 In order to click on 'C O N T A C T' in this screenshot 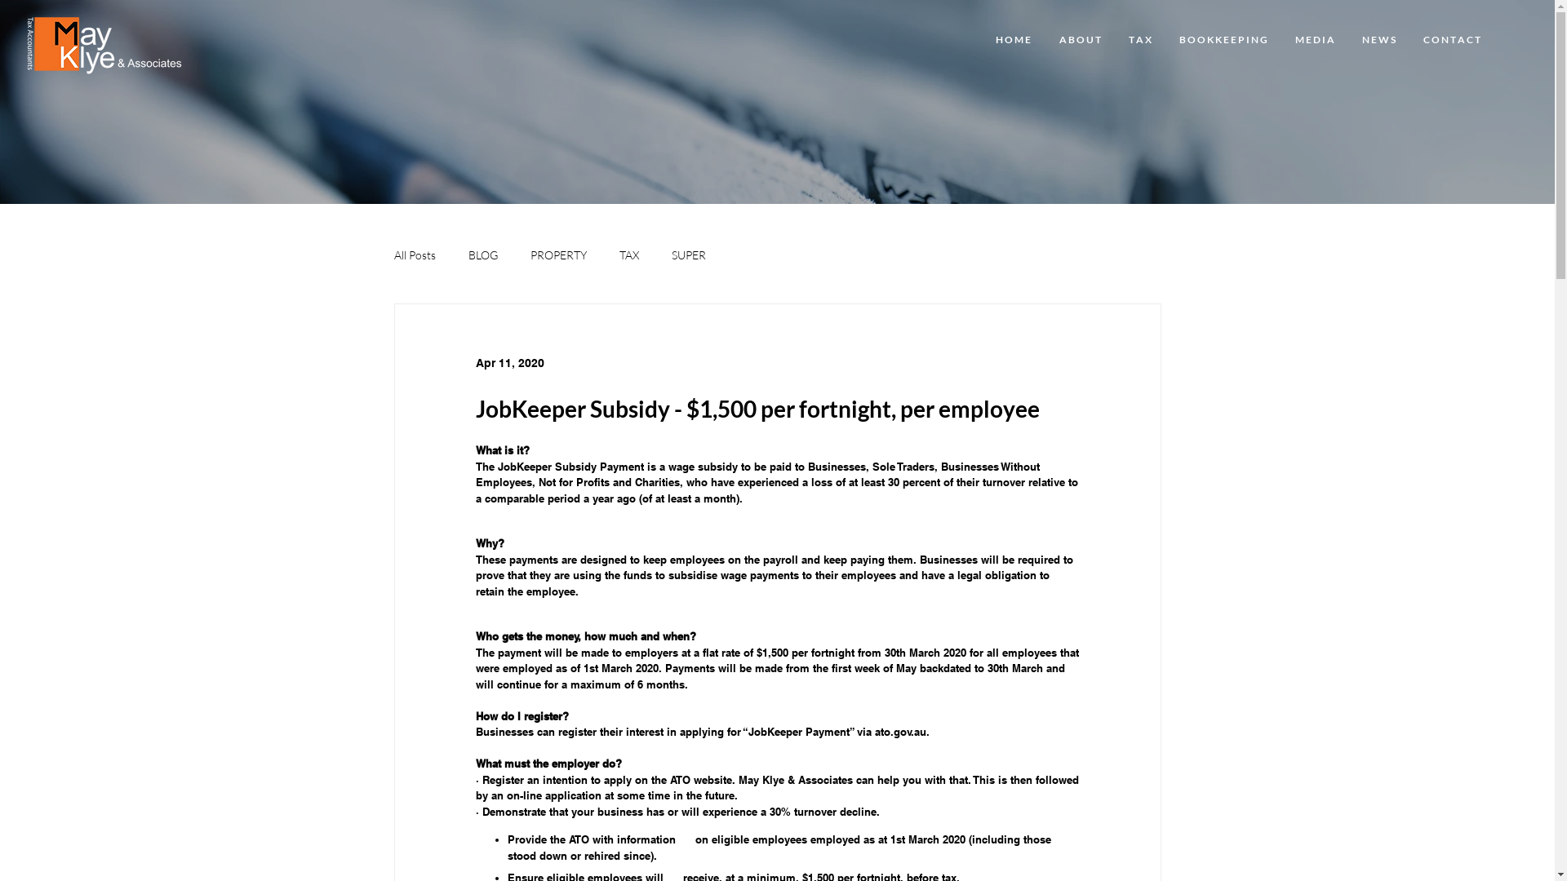, I will do `click(1452, 39)`.